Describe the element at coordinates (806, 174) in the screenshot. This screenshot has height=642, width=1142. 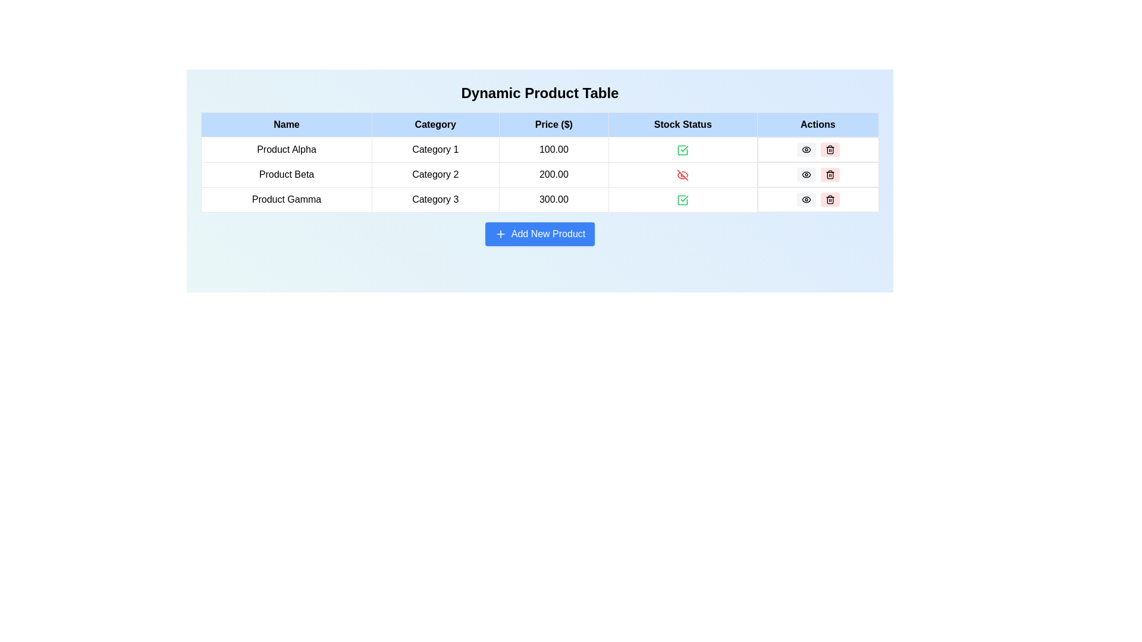
I see `the eye icon button in the 'Actions' column of the second row for 'Product Beta'` at that location.